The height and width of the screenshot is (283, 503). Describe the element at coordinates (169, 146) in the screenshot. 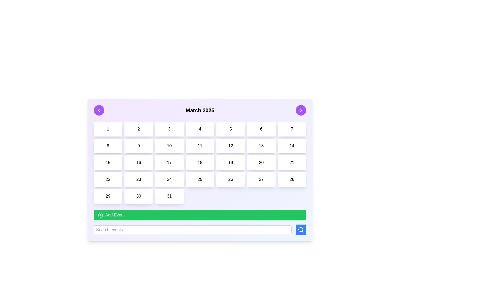

I see `the calendar date visual representation located in the second row and third column of the grid layout` at that location.